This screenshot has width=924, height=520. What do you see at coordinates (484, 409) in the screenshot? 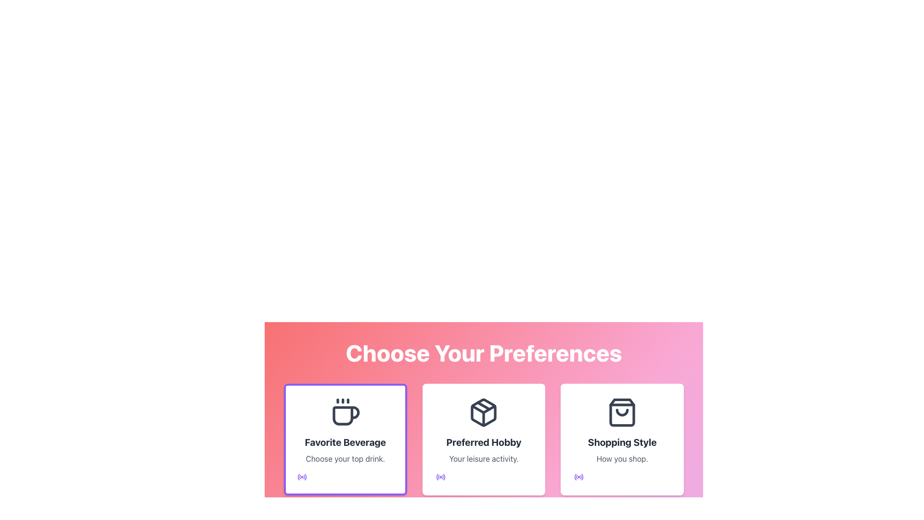
I see `the small triangular section of the 'Preferred Hobby' icon, which represents the top triangular flap of the box` at bounding box center [484, 409].